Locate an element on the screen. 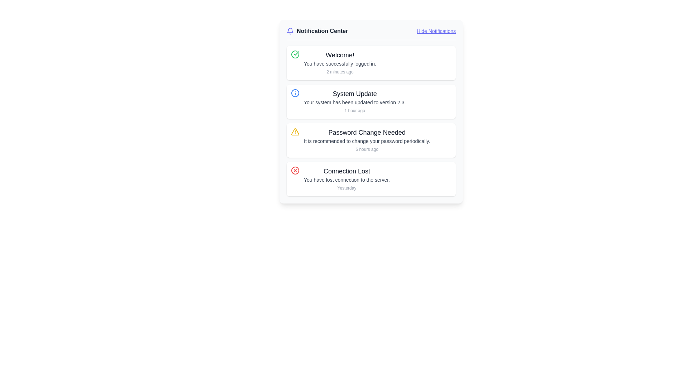 The image size is (688, 387). the Text Label that serves as a title for the notification center, located between a bell icon and a 'Hide Notifications' link is located at coordinates (322, 31).